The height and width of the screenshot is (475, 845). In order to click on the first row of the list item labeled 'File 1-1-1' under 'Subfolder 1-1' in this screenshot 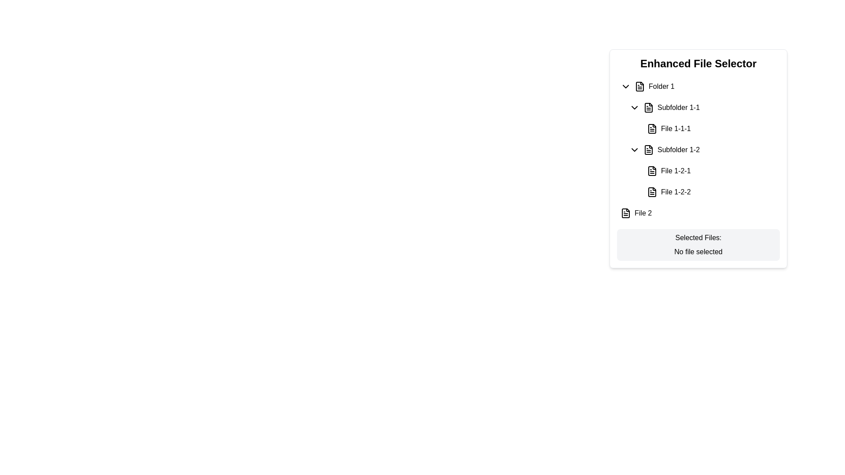, I will do `click(712, 129)`.